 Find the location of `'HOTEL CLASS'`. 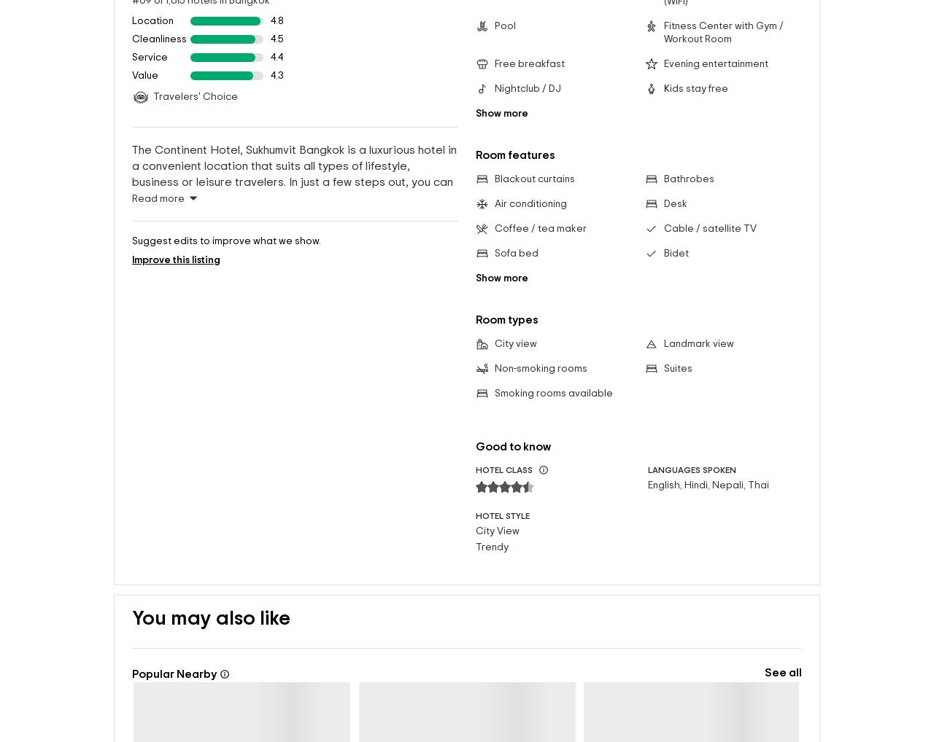

'HOTEL CLASS' is located at coordinates (503, 446).